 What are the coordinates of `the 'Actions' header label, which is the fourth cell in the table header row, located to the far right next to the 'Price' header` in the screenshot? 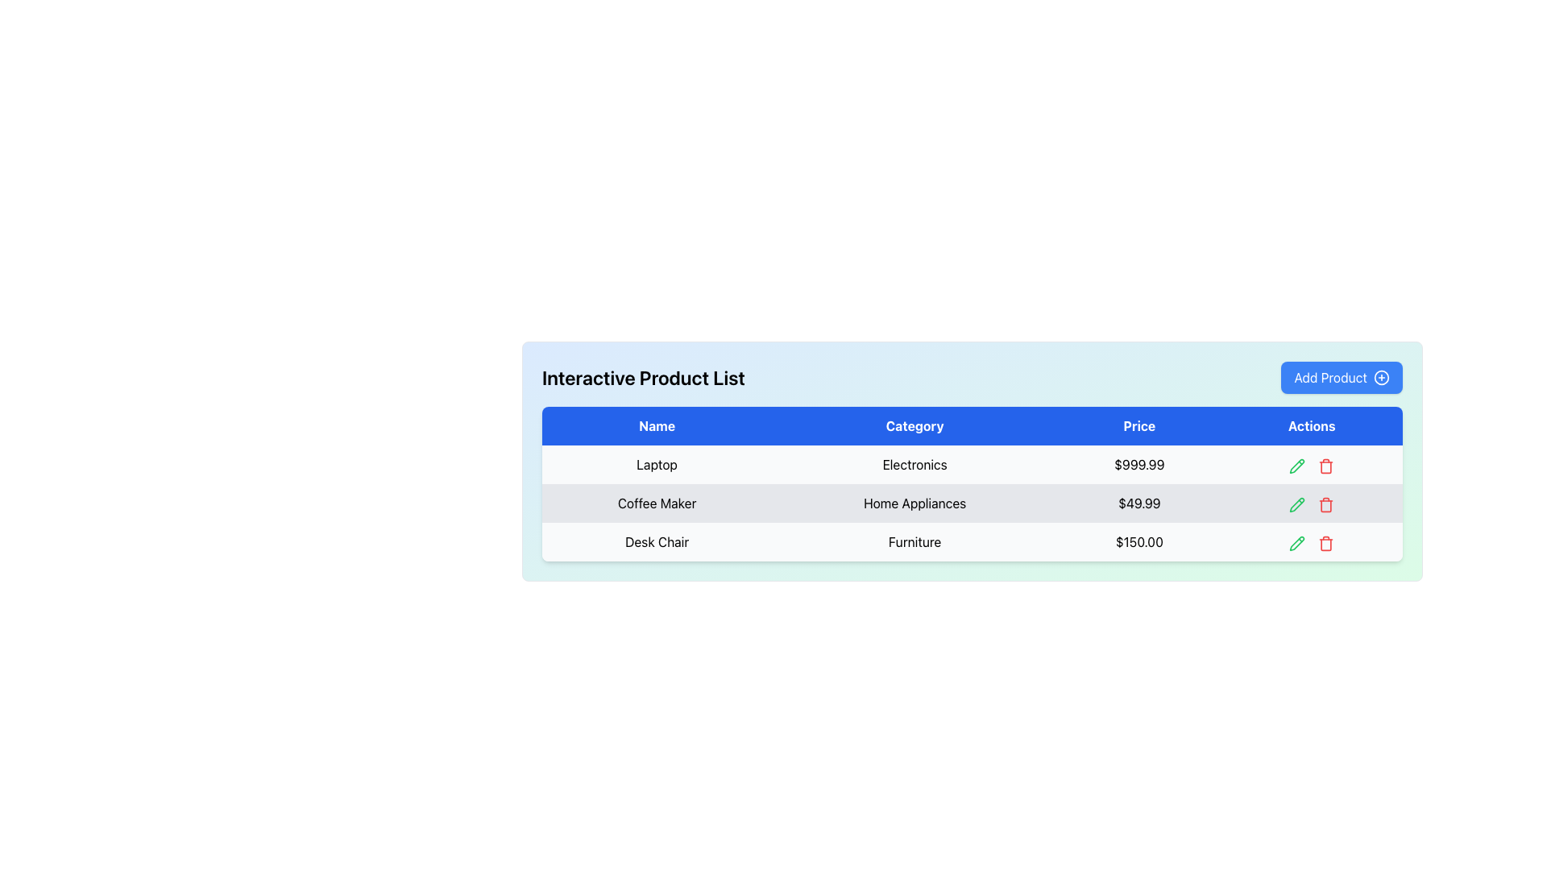 It's located at (1312, 425).